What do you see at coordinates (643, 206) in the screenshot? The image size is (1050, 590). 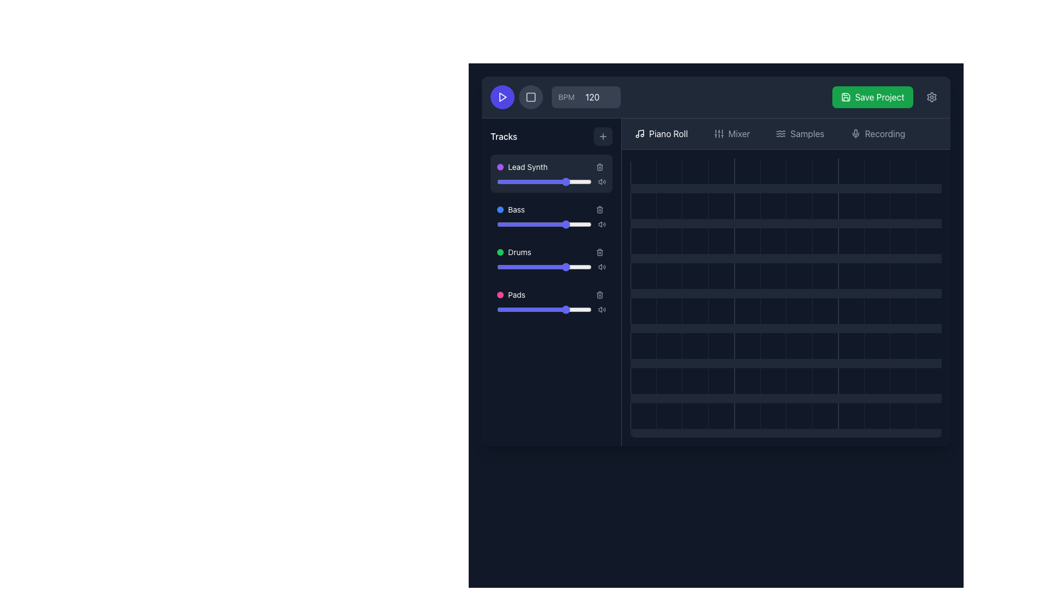 I see `the first cell in the second row of the grid layout, which serves as an interactive area within the interface` at bounding box center [643, 206].